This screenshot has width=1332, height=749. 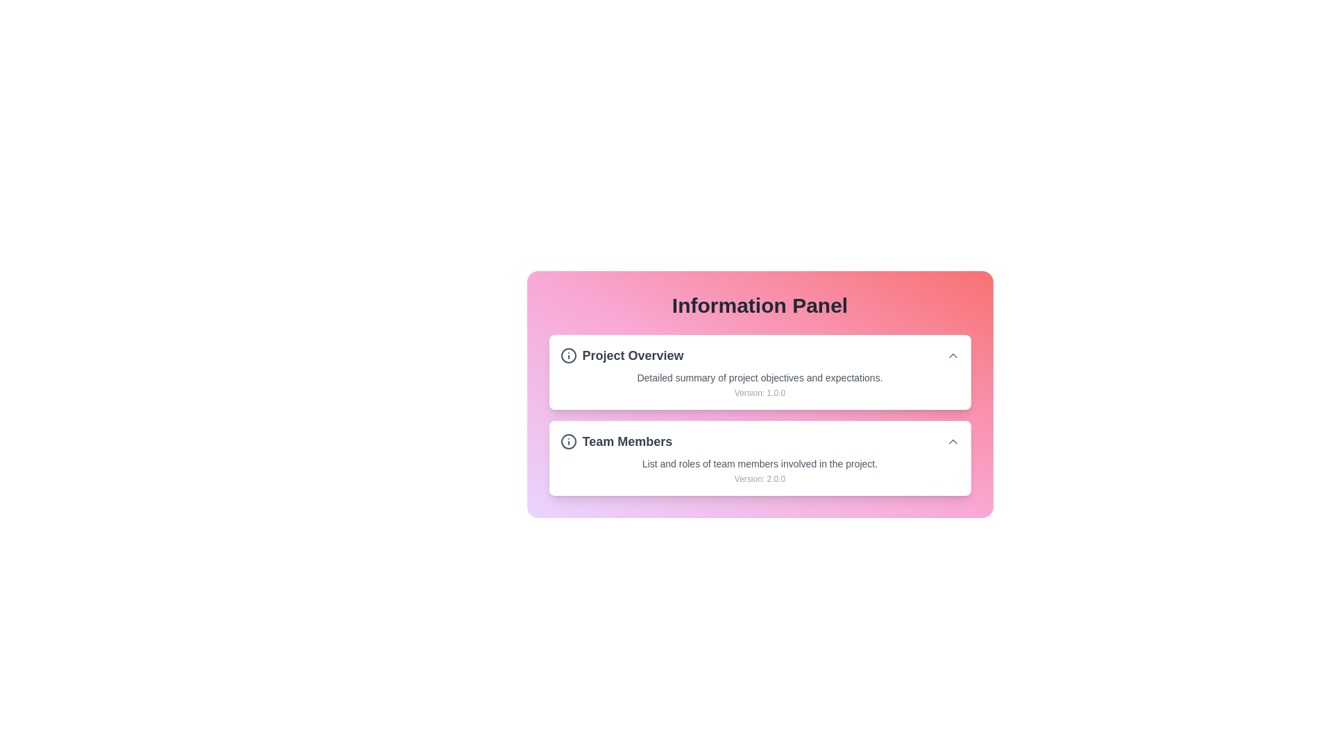 What do you see at coordinates (568, 441) in the screenshot?
I see `the icon located to the left of the 'Team Members' section header, which serves as a visual indicator for additional information related to the section` at bounding box center [568, 441].